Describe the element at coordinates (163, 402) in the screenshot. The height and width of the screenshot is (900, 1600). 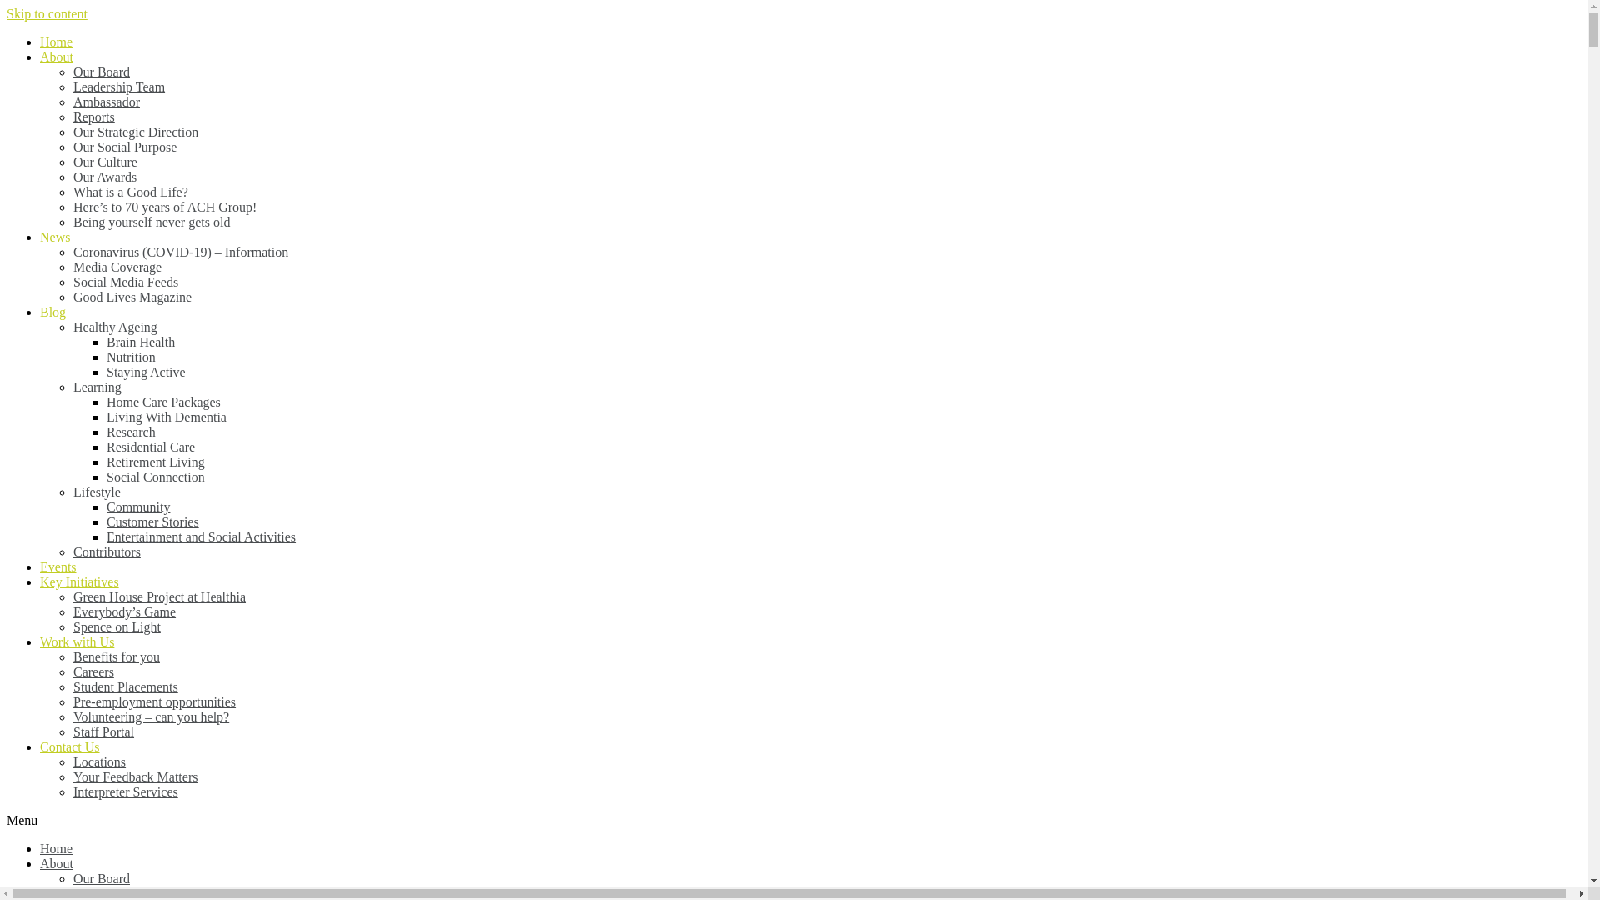
I see `'Home Care Packages'` at that location.